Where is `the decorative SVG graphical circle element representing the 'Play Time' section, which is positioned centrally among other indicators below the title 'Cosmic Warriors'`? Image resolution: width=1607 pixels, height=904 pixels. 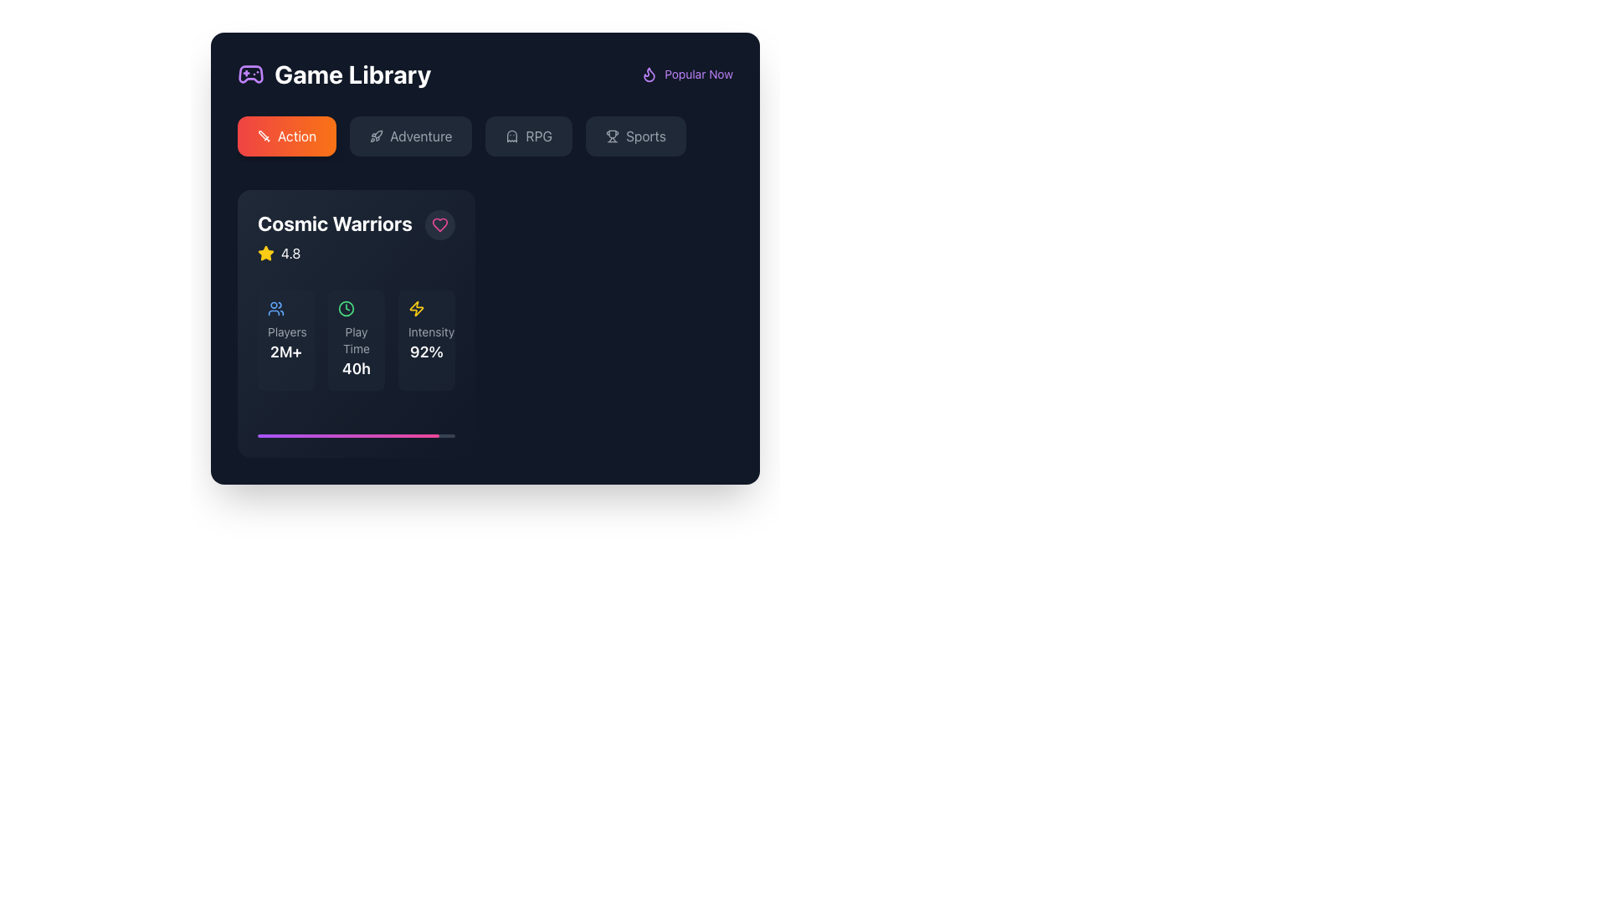
the decorative SVG graphical circle element representing the 'Play Time' section, which is positioned centrally among other indicators below the title 'Cosmic Warriors' is located at coordinates (345, 309).